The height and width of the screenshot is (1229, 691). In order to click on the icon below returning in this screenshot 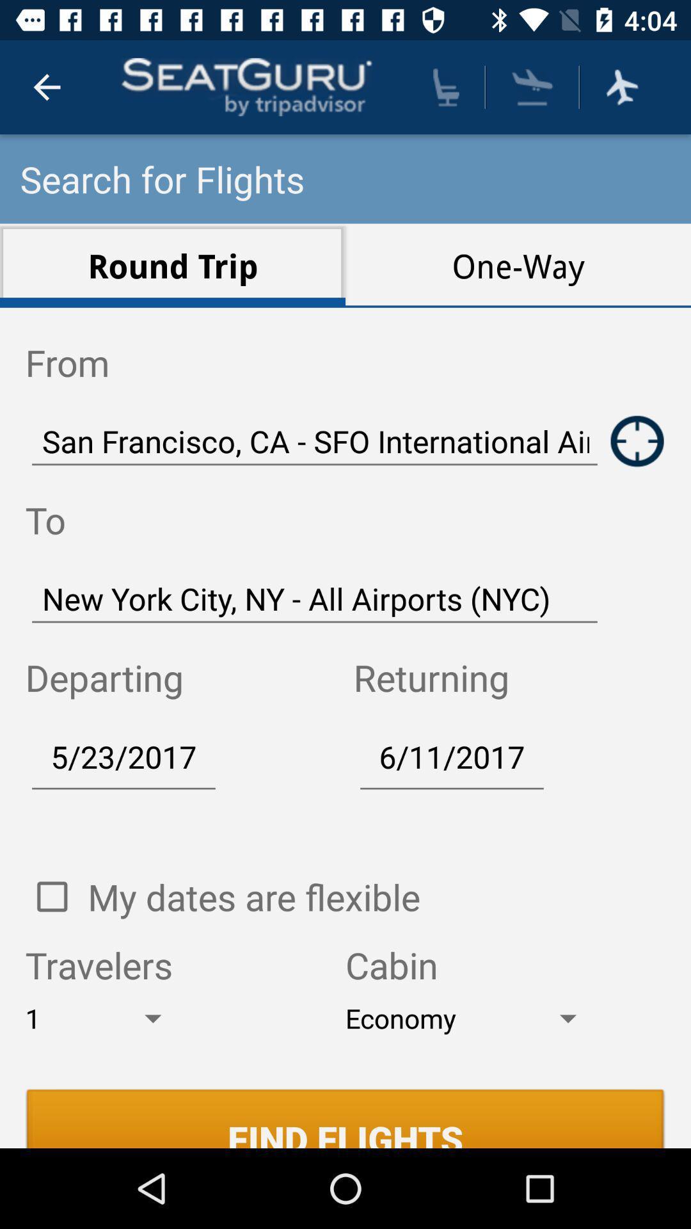, I will do `click(451, 756)`.